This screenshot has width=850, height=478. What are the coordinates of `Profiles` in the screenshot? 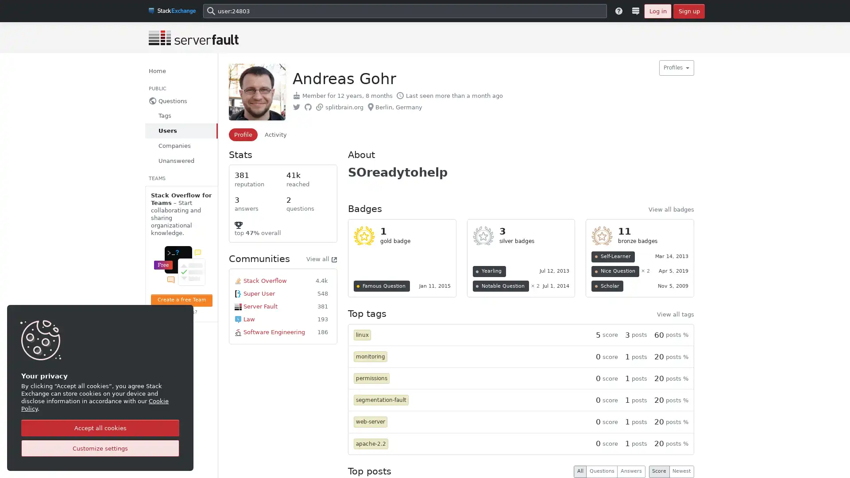 It's located at (676, 67).